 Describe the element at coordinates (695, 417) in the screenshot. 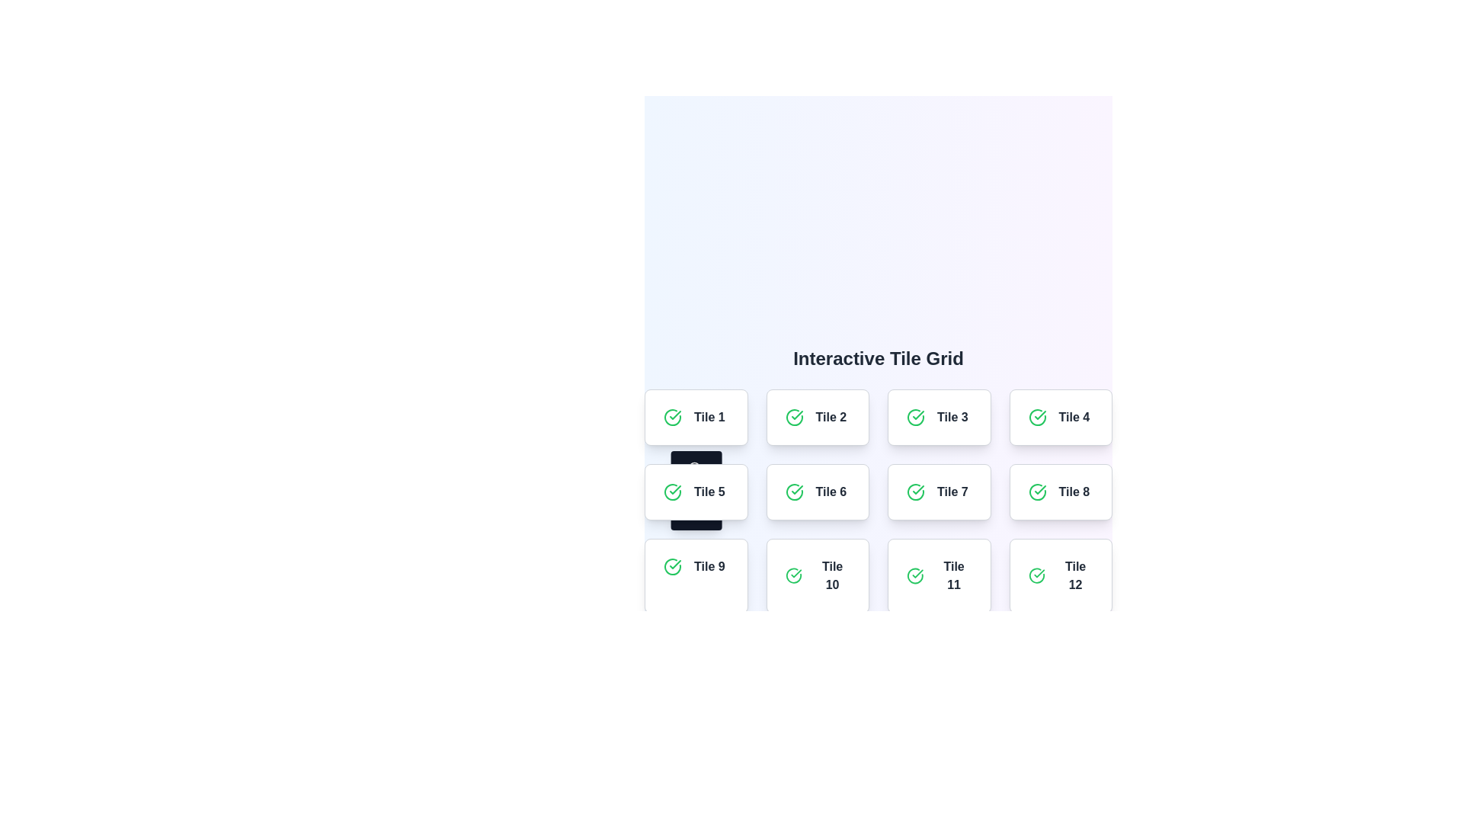

I see `the 'Tile 1' text label within the top-left tile of the 'Interactive Tile Grid', which is styled with bold gray font and accompanied by a green checkmark icon` at that location.